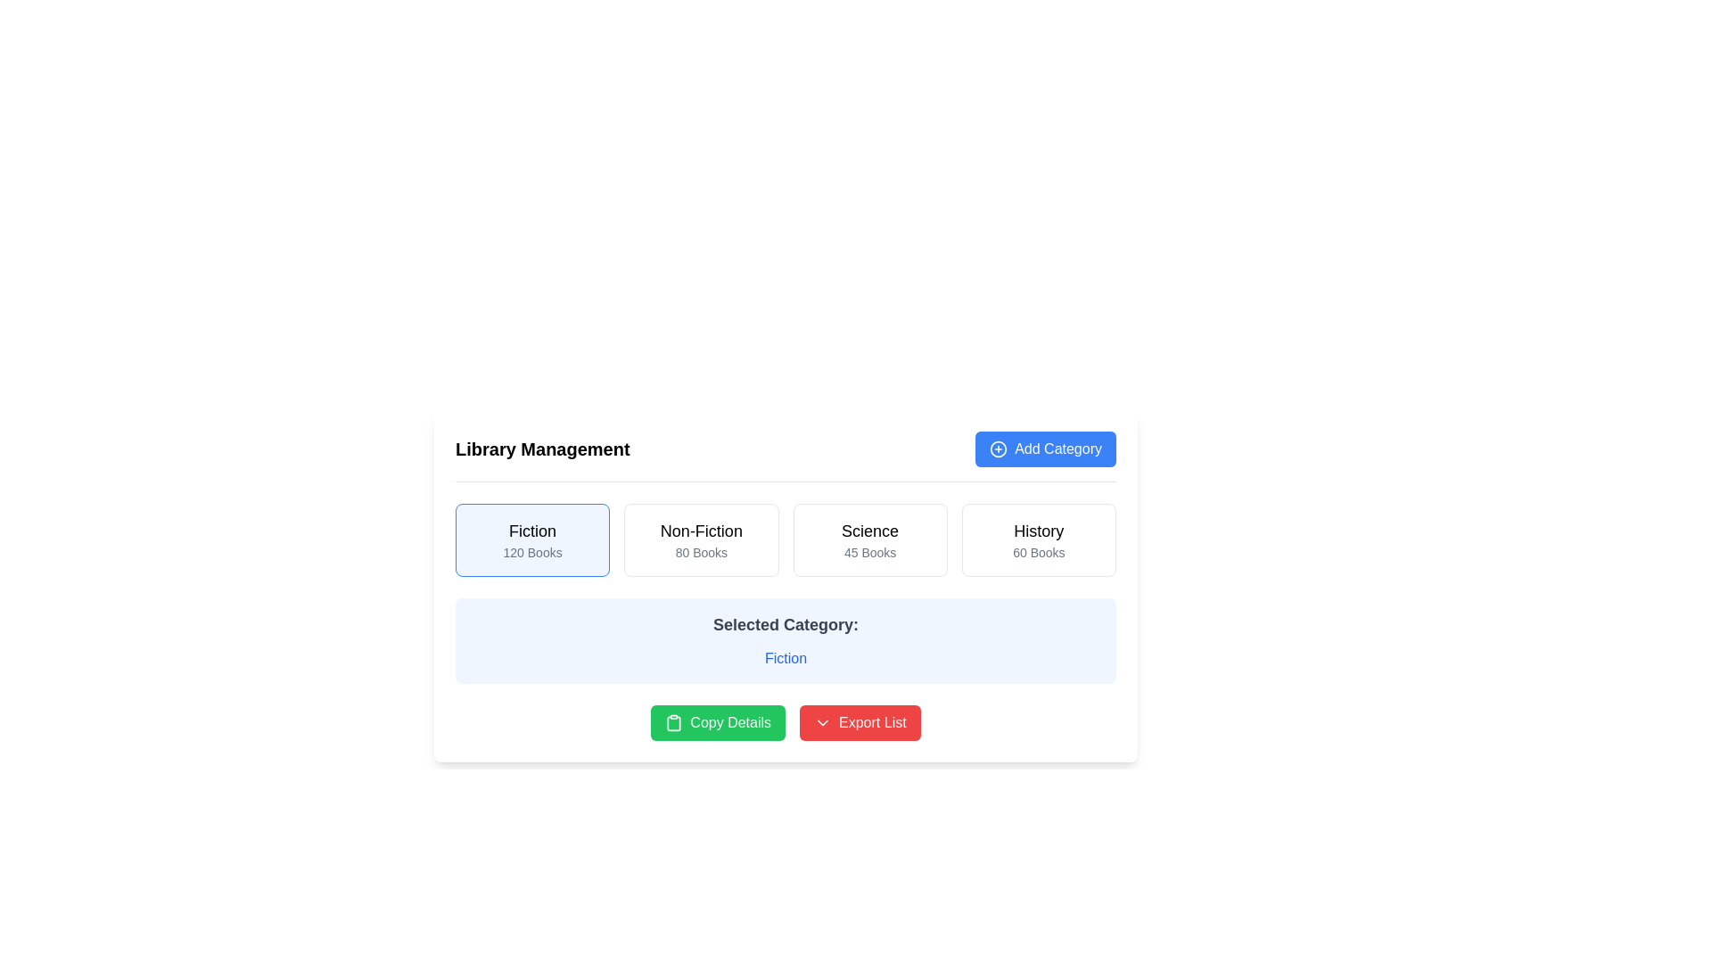 The image size is (1712, 963). I want to click on the fourth interactive button or card labeled 'History' in the 'Library Management' section, so click(1039, 539).